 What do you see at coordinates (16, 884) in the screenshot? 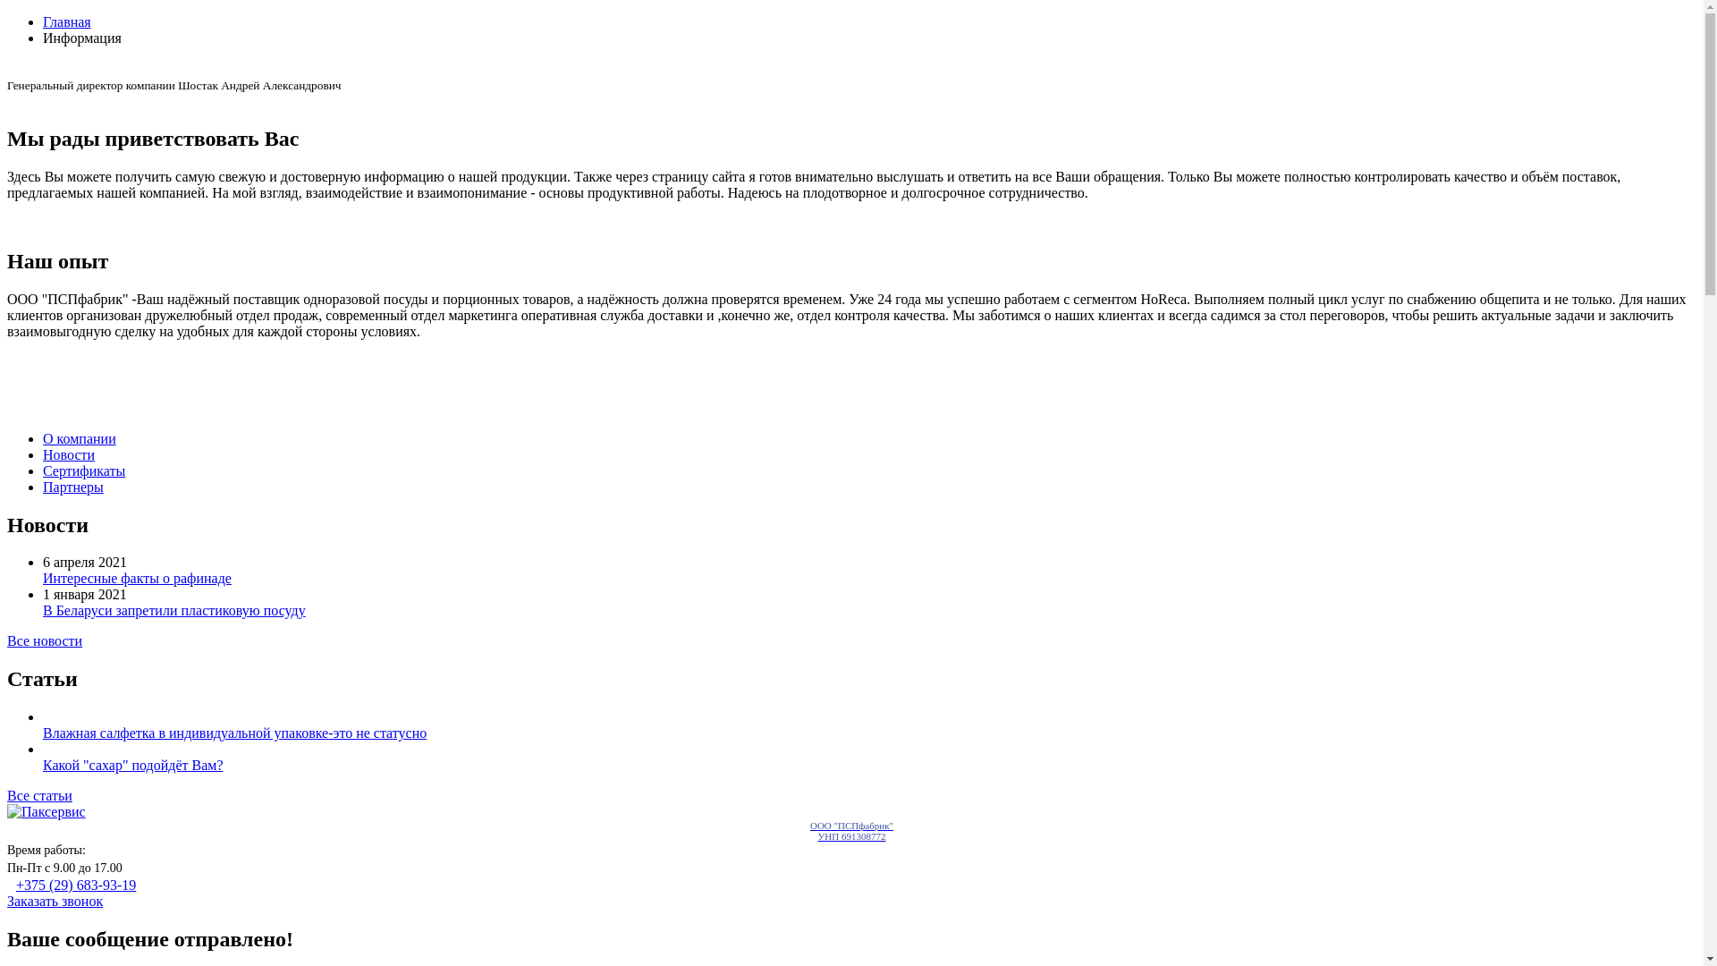
I see `'+375 (29) 683-93-19'` at bounding box center [16, 884].